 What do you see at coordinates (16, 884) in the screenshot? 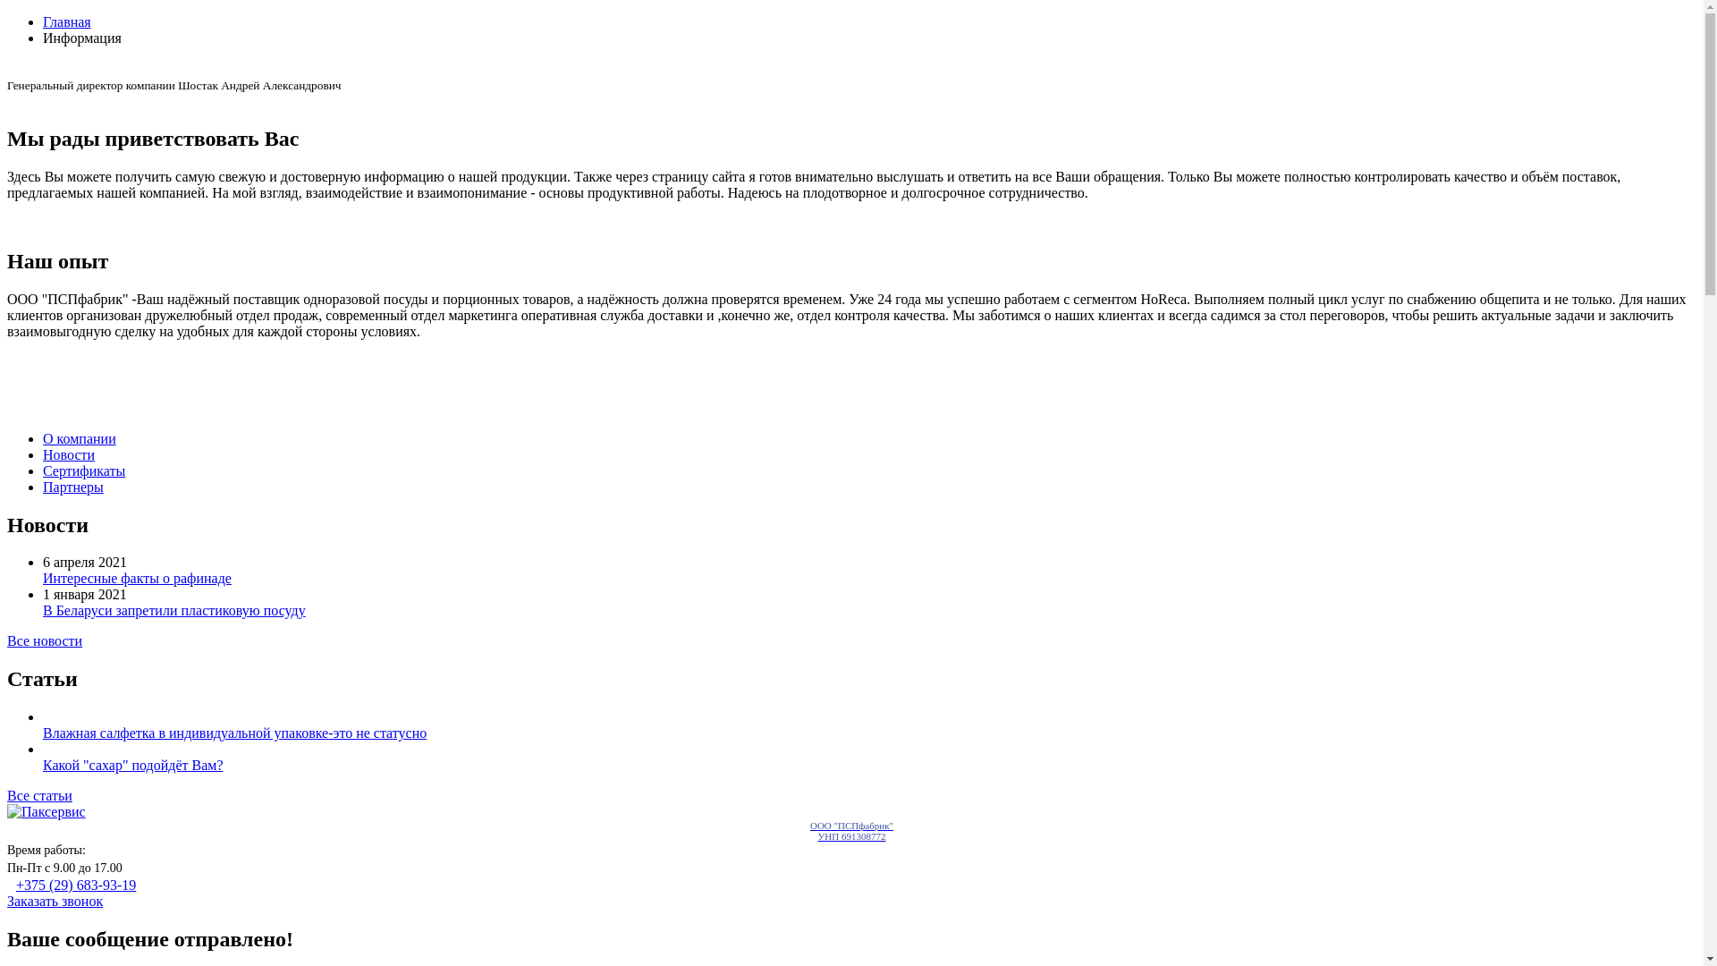
I see `'+375 (29) 683-93-19'` at bounding box center [16, 884].